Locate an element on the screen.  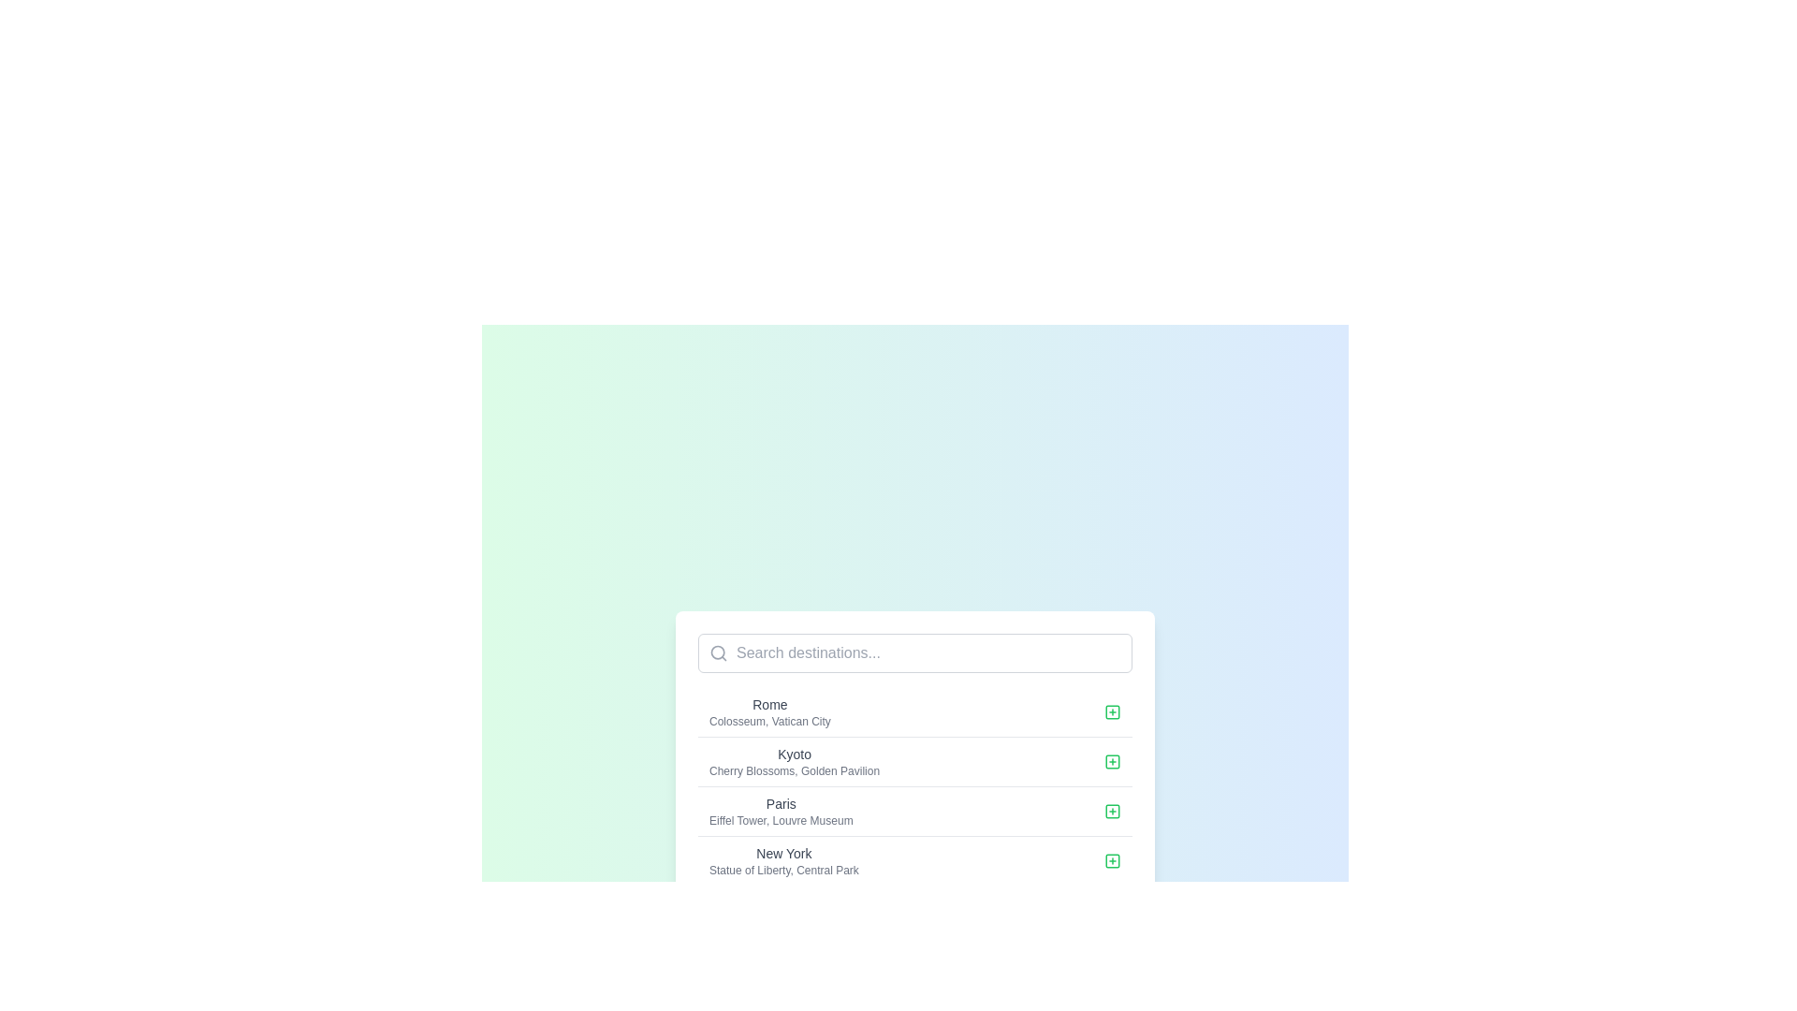
the circular part of the magnifying glass icon within the search bar, indicating its functionality for entering search queries is located at coordinates (717, 652).